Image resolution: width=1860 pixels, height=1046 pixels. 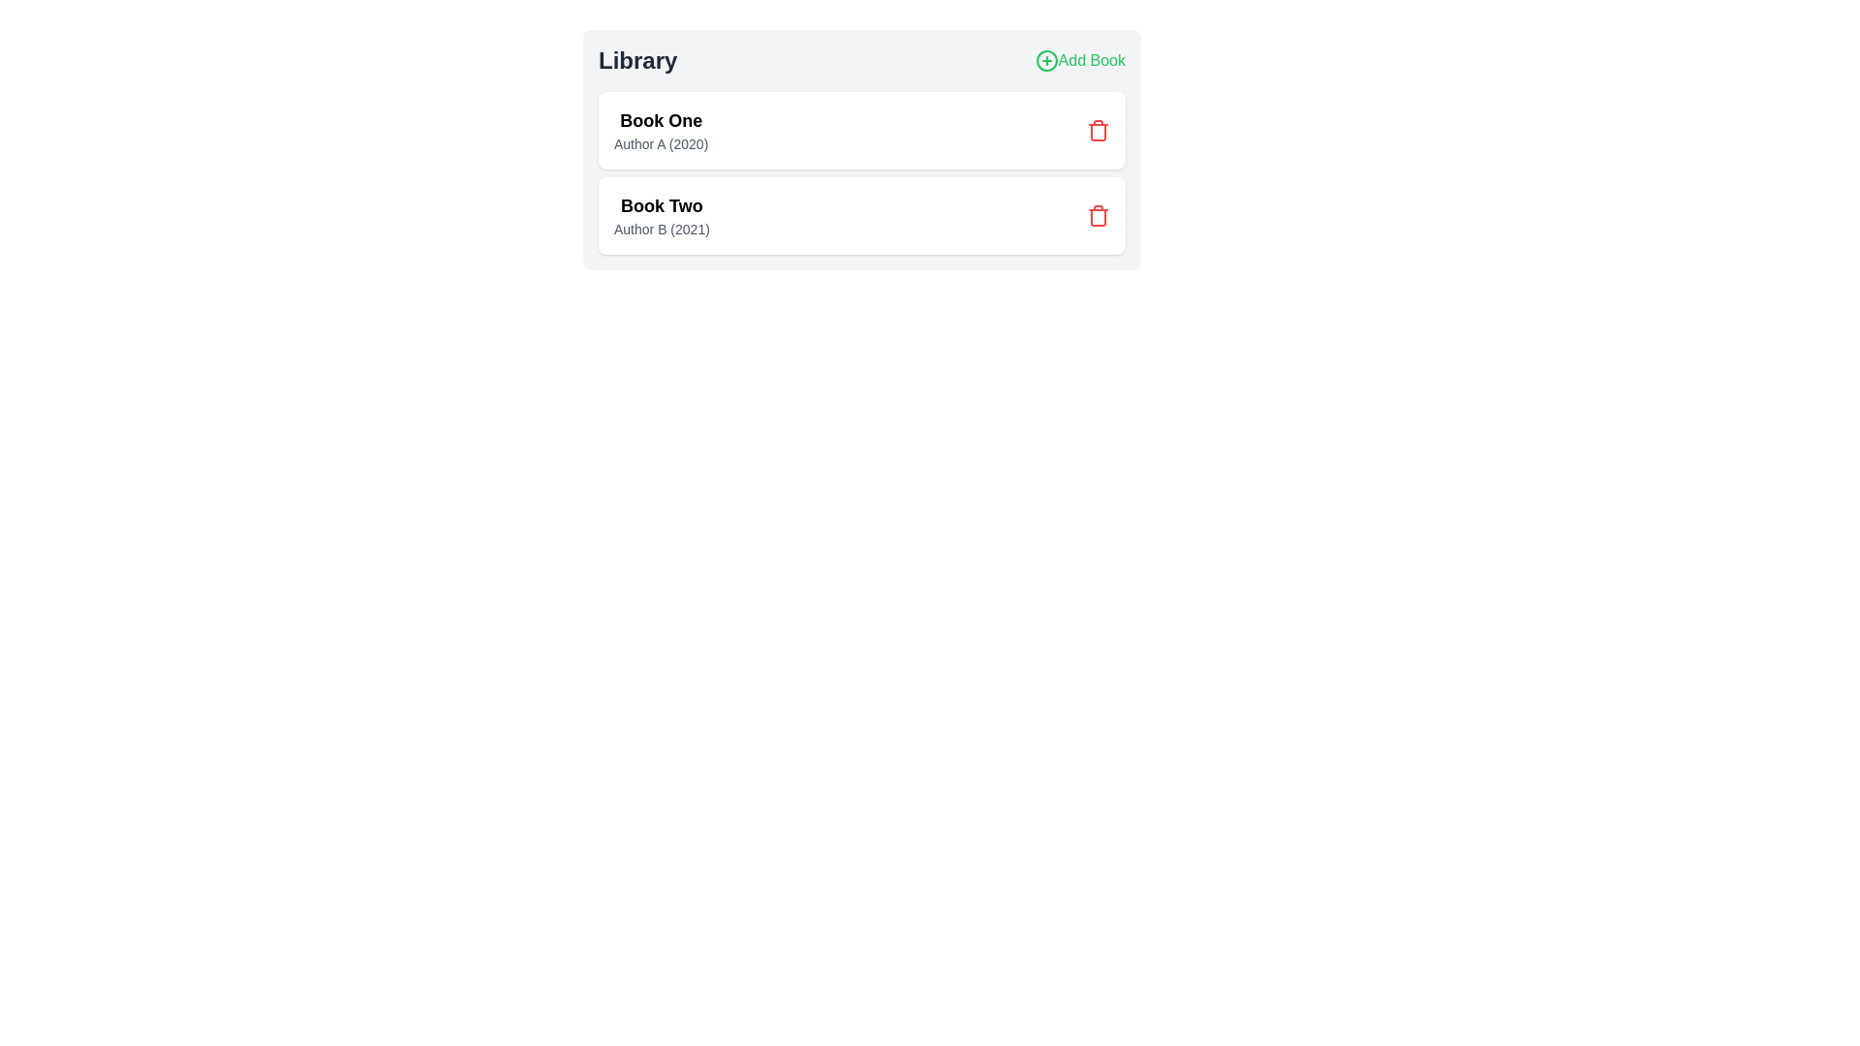 I want to click on the button for adding a new book to the library, so click(x=1079, y=59).